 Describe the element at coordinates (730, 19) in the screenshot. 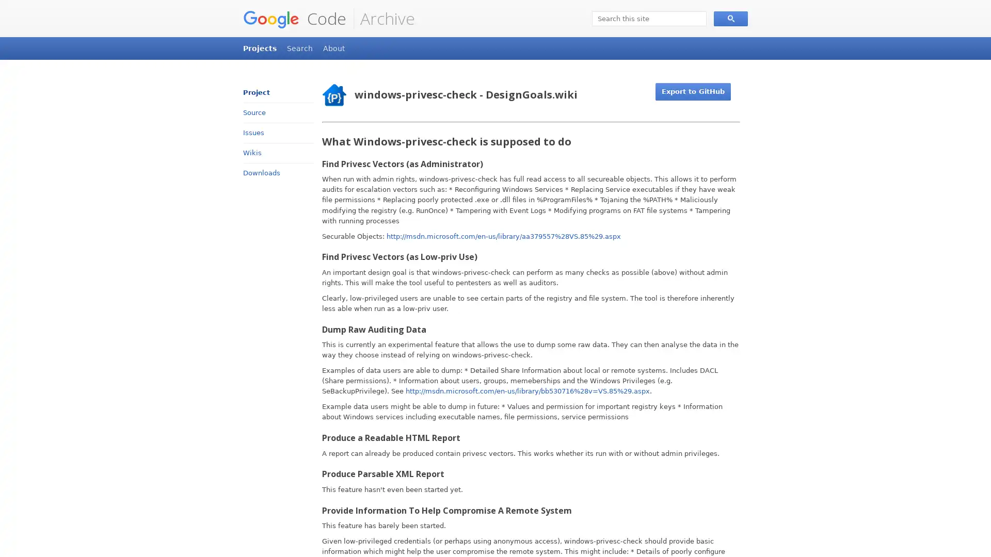

I see `Search` at that location.